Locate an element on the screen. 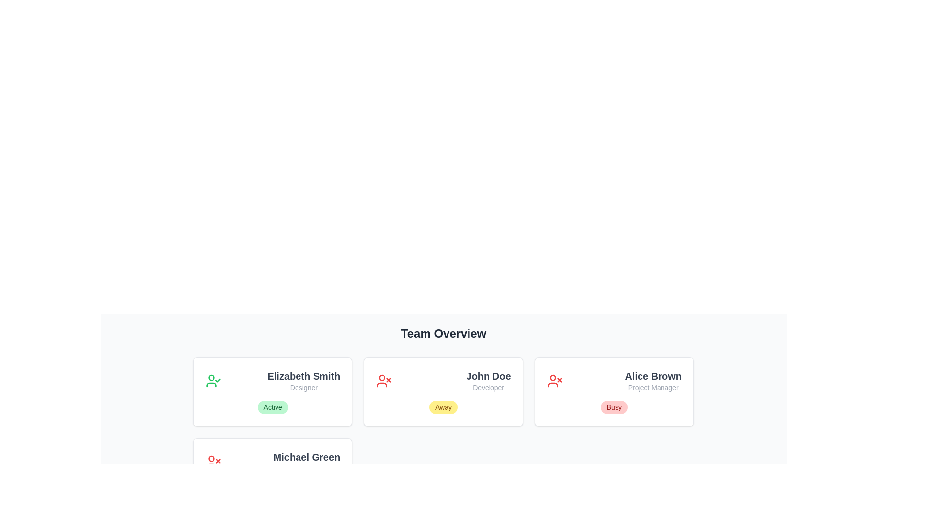 This screenshot has height=527, width=938. the active status icon indicating user 'Elizabeth Smith', located to the left of her name and above the status badge reading 'Active' is located at coordinates (213, 380).